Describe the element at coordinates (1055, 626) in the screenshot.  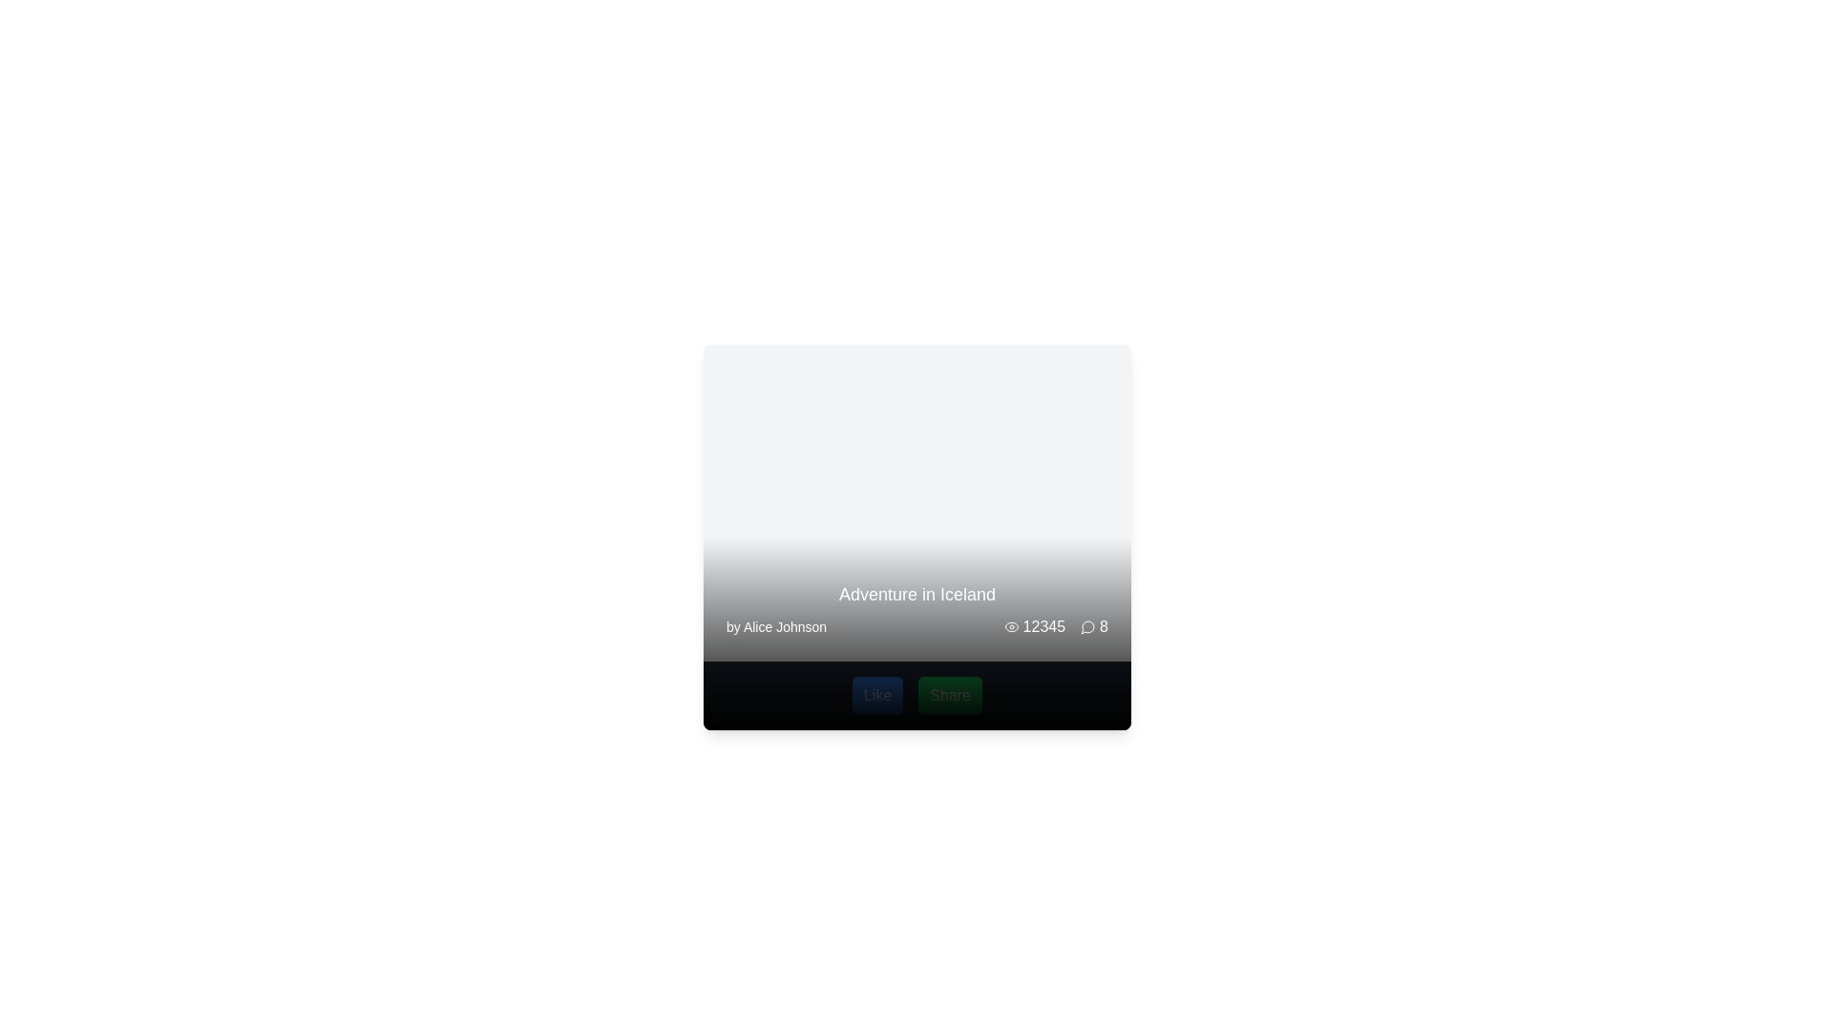
I see `the informational display component that shows the view count with an eye icon and comment count with a speech bubble icon, located in the bottom-right section of the interface, immediately after the author information 'by Alice Johnson'` at that location.